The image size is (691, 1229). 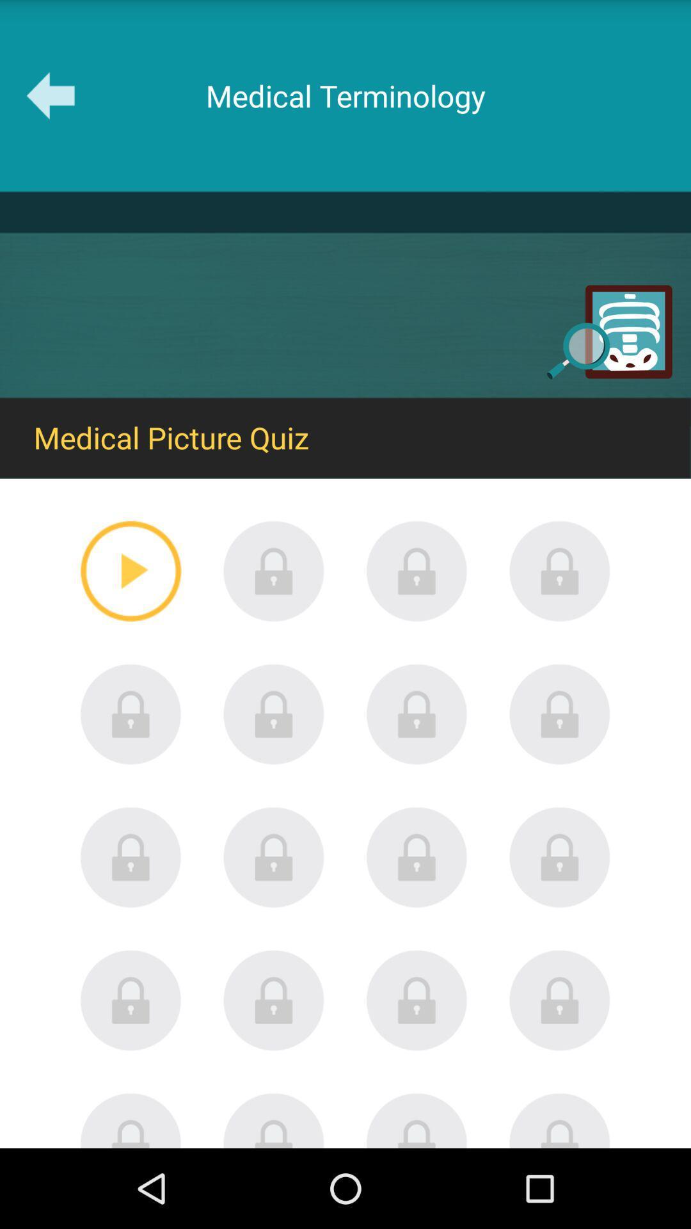 I want to click on press to select, so click(x=417, y=857).